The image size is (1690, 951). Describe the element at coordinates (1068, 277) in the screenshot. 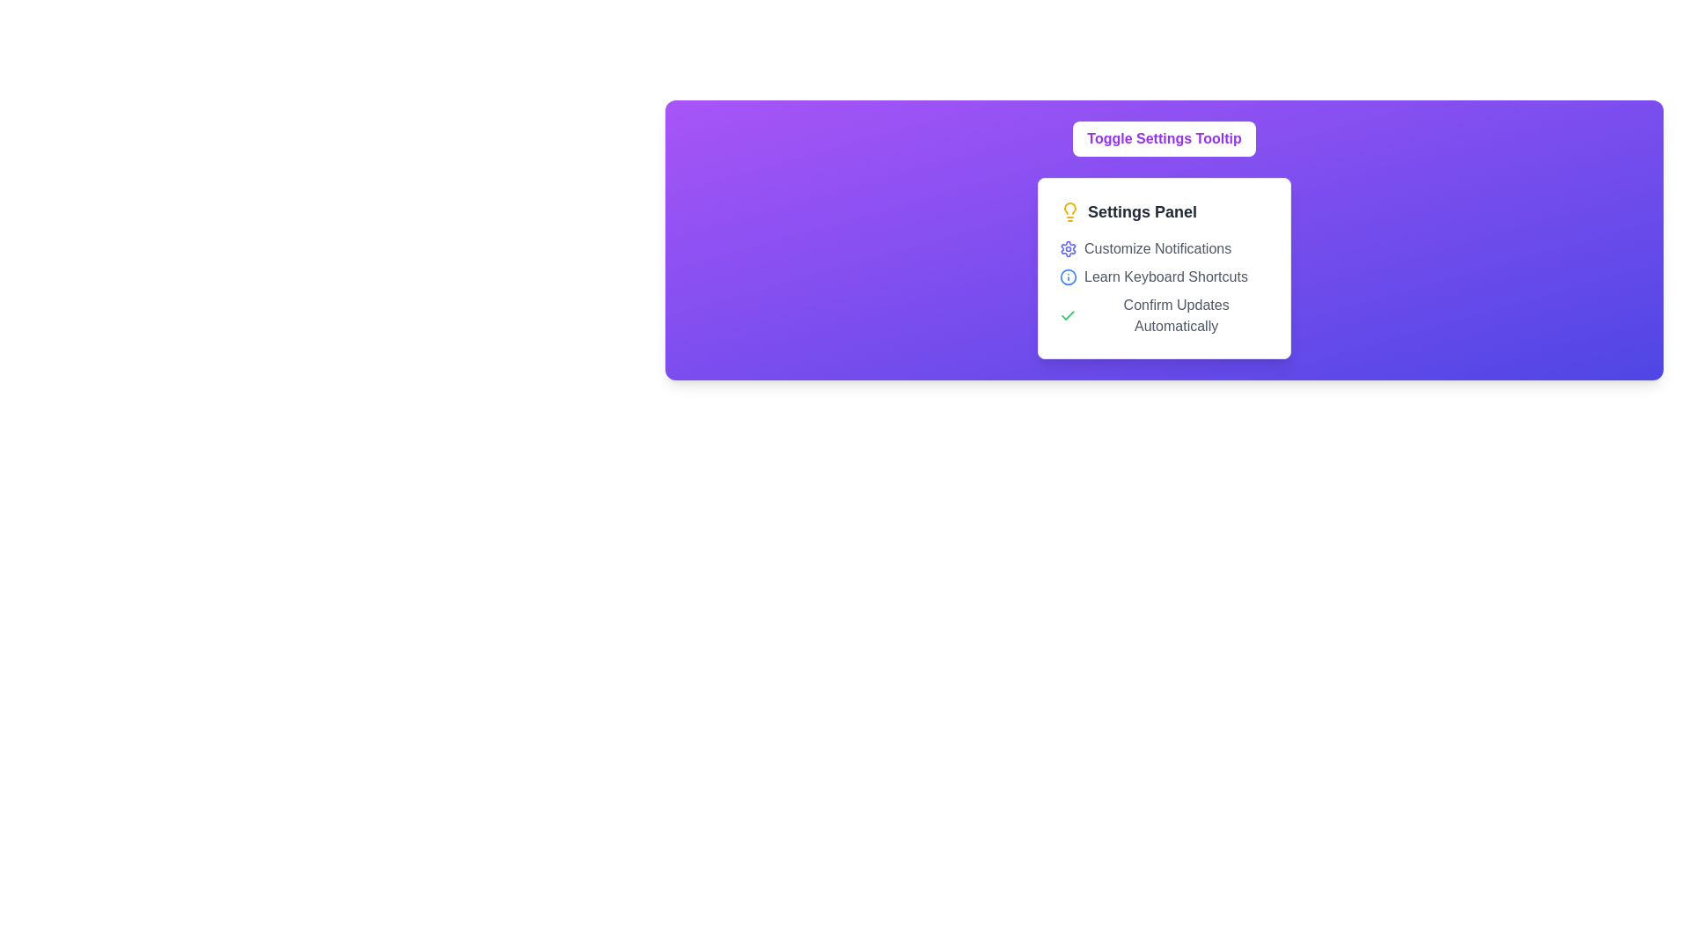

I see `central circular decorative graphic element within the 'info' icon located to the left of the 'Settings Panel' heading` at that location.